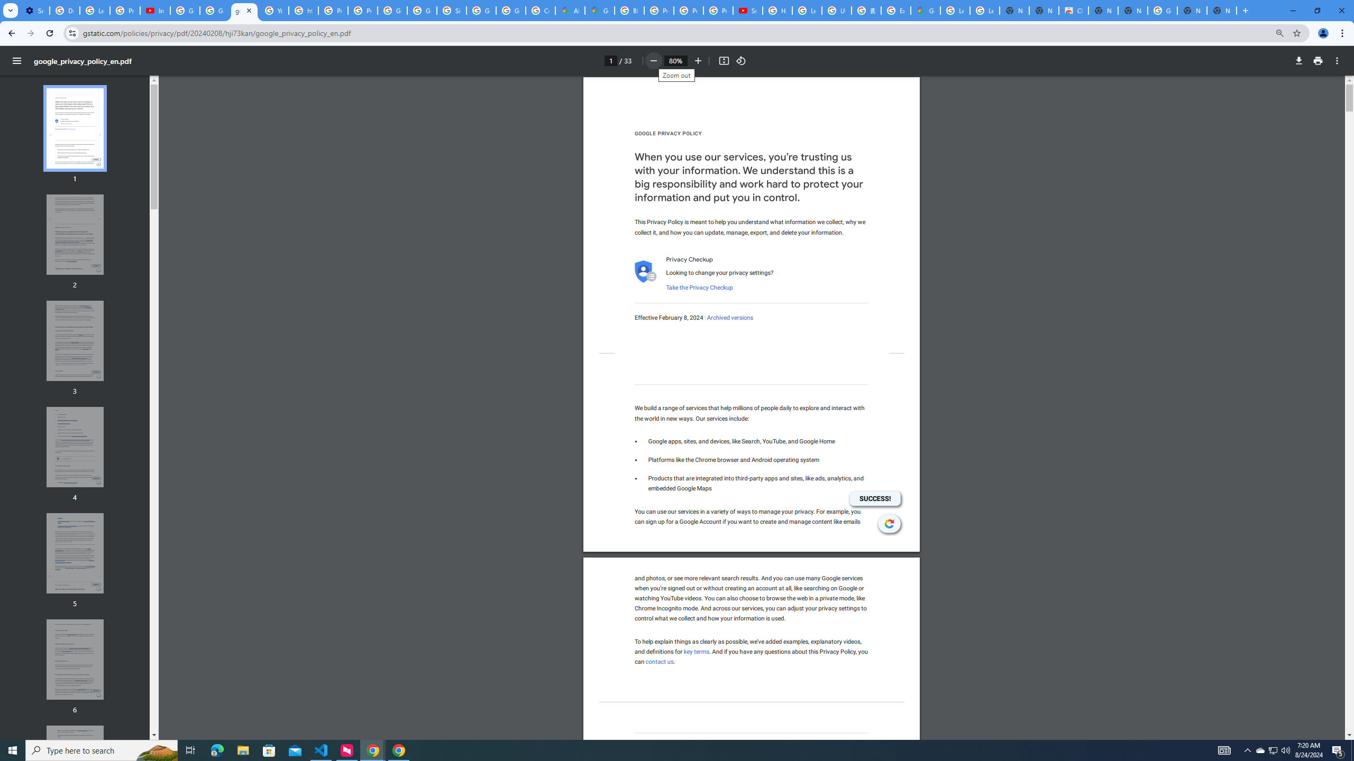  What do you see at coordinates (660, 662) in the screenshot?
I see `'contact us'` at bounding box center [660, 662].